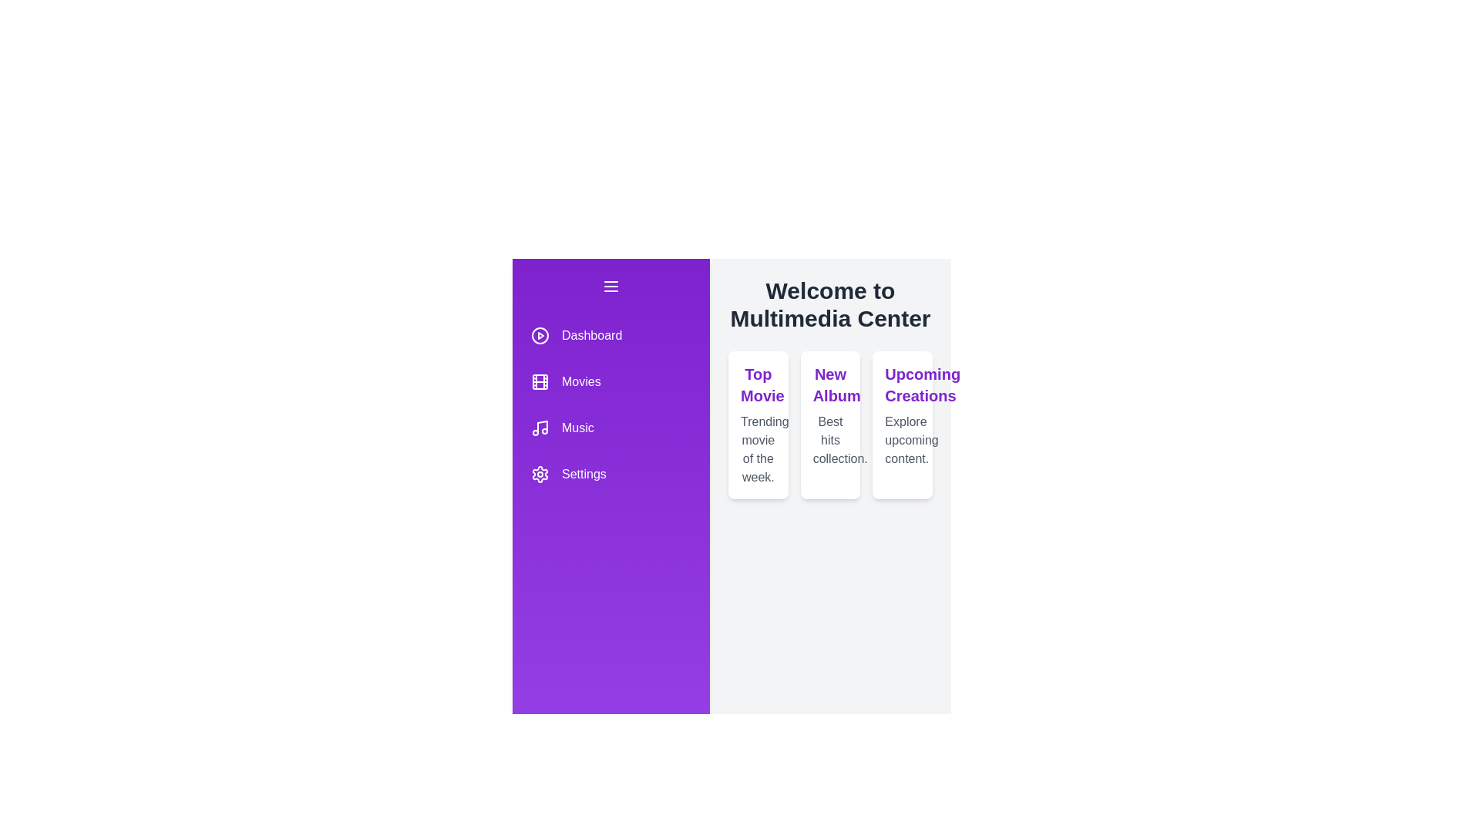 The image size is (1480, 832). What do you see at coordinates (758, 424) in the screenshot?
I see `the card with the title Top Movie` at bounding box center [758, 424].